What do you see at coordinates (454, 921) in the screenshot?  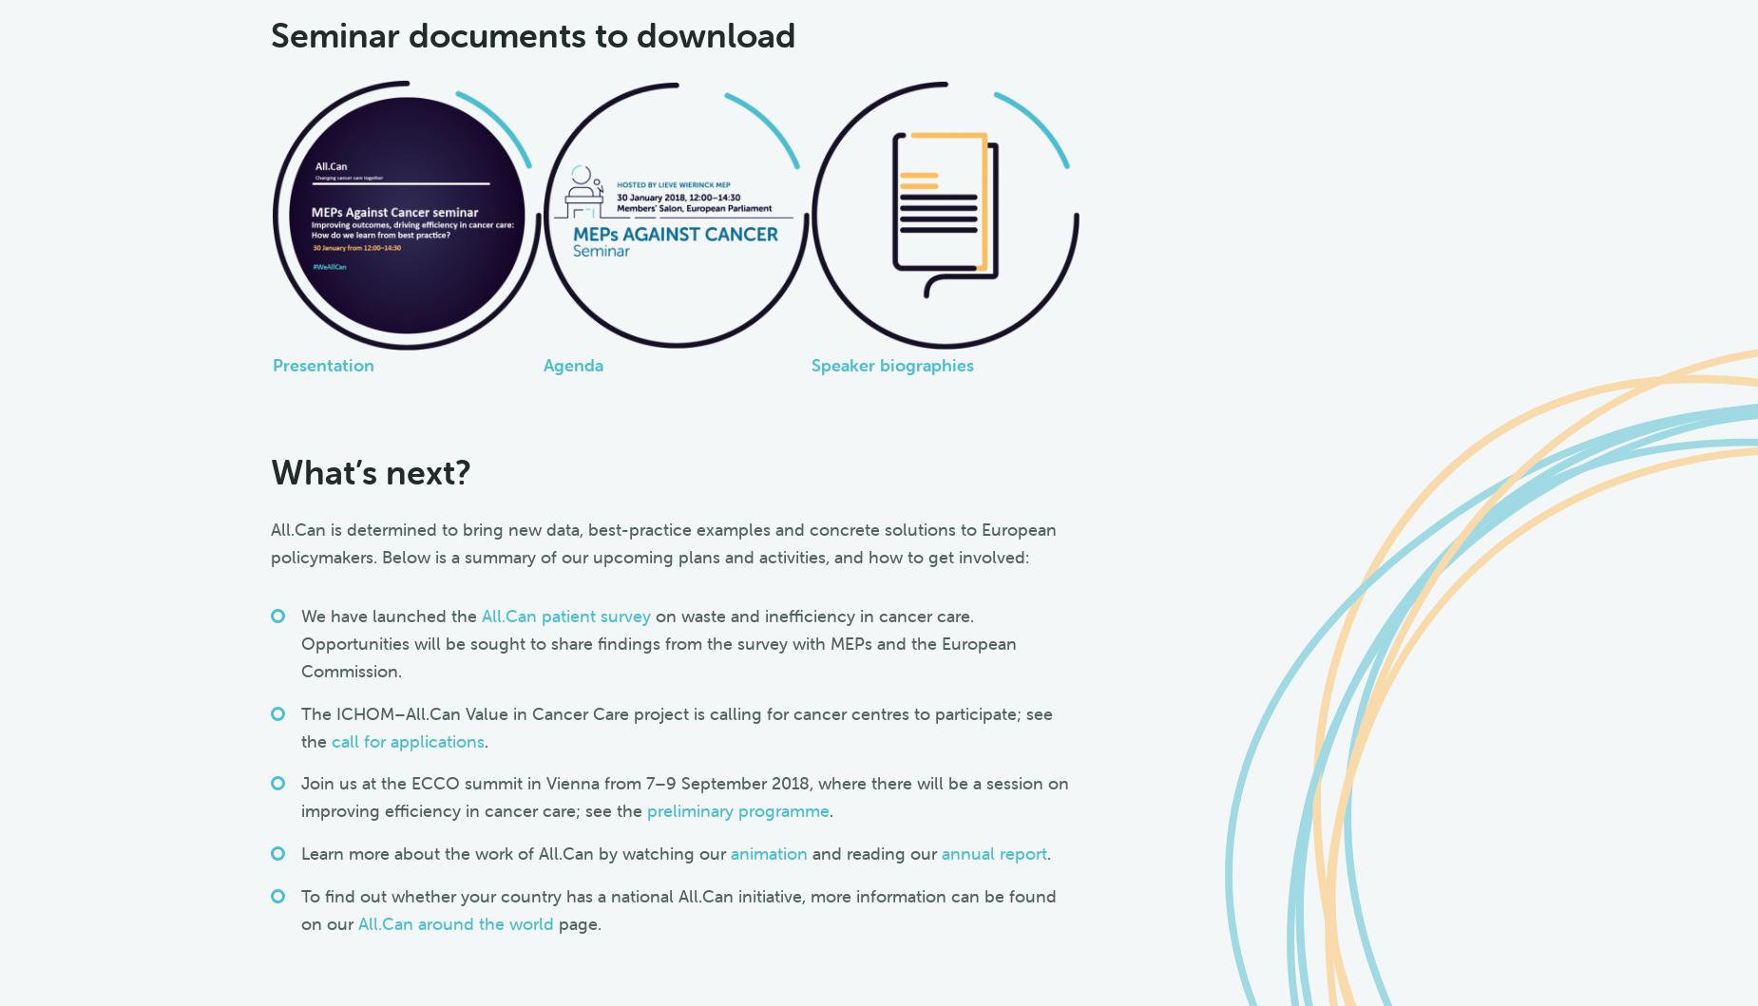 I see `'All.Can around the world'` at bounding box center [454, 921].